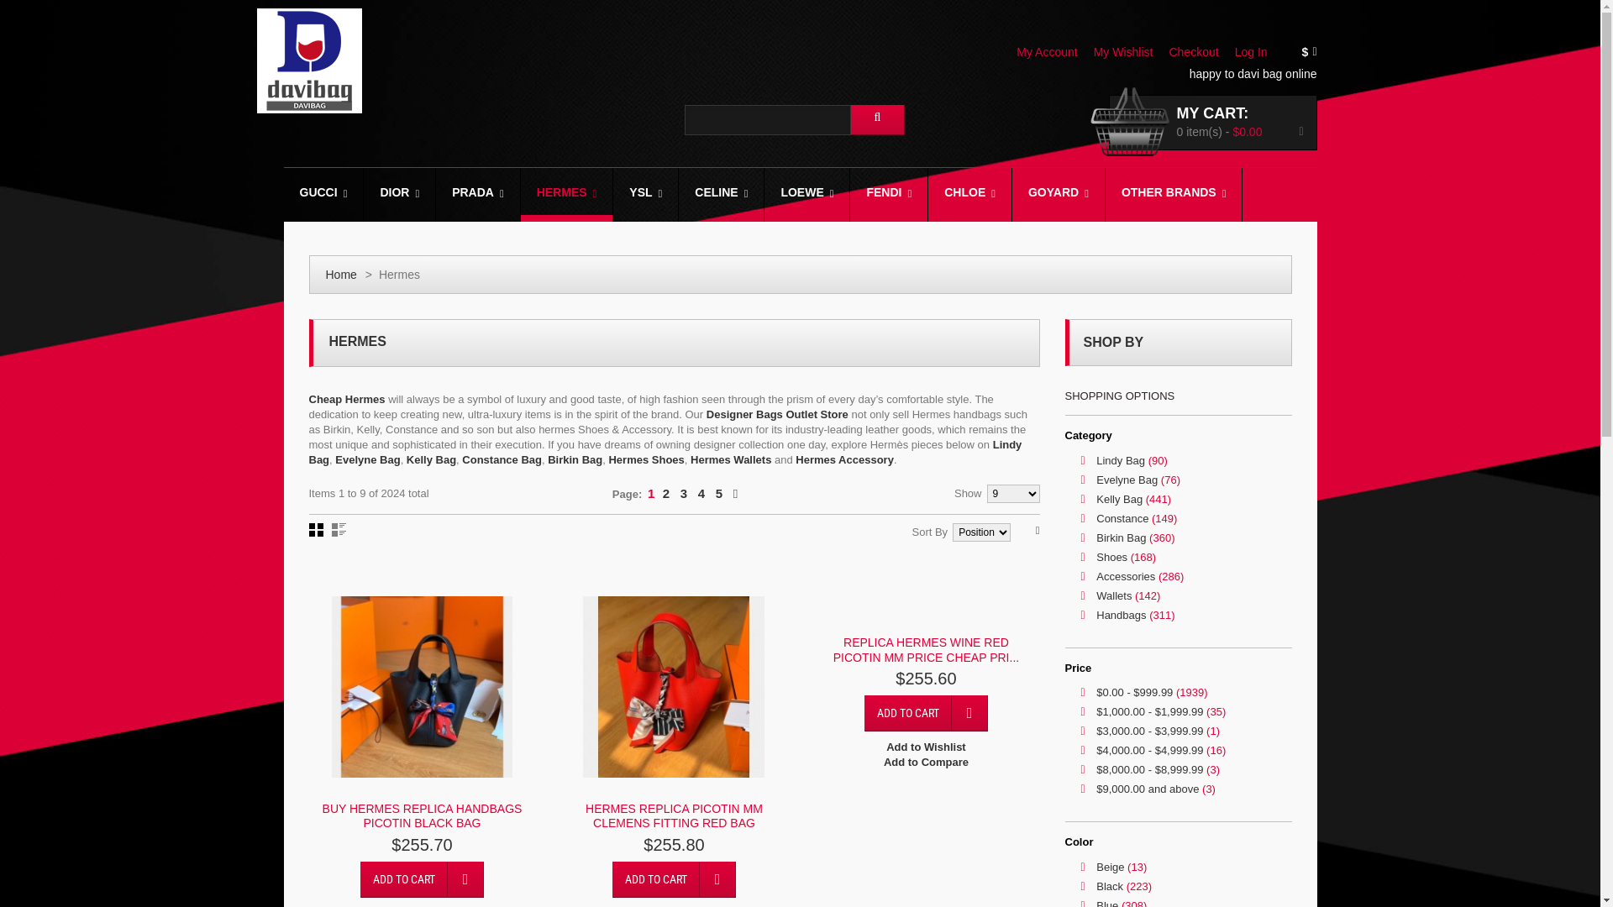 The image size is (1613, 907). What do you see at coordinates (406, 193) in the screenshot?
I see `'DIOR'` at bounding box center [406, 193].